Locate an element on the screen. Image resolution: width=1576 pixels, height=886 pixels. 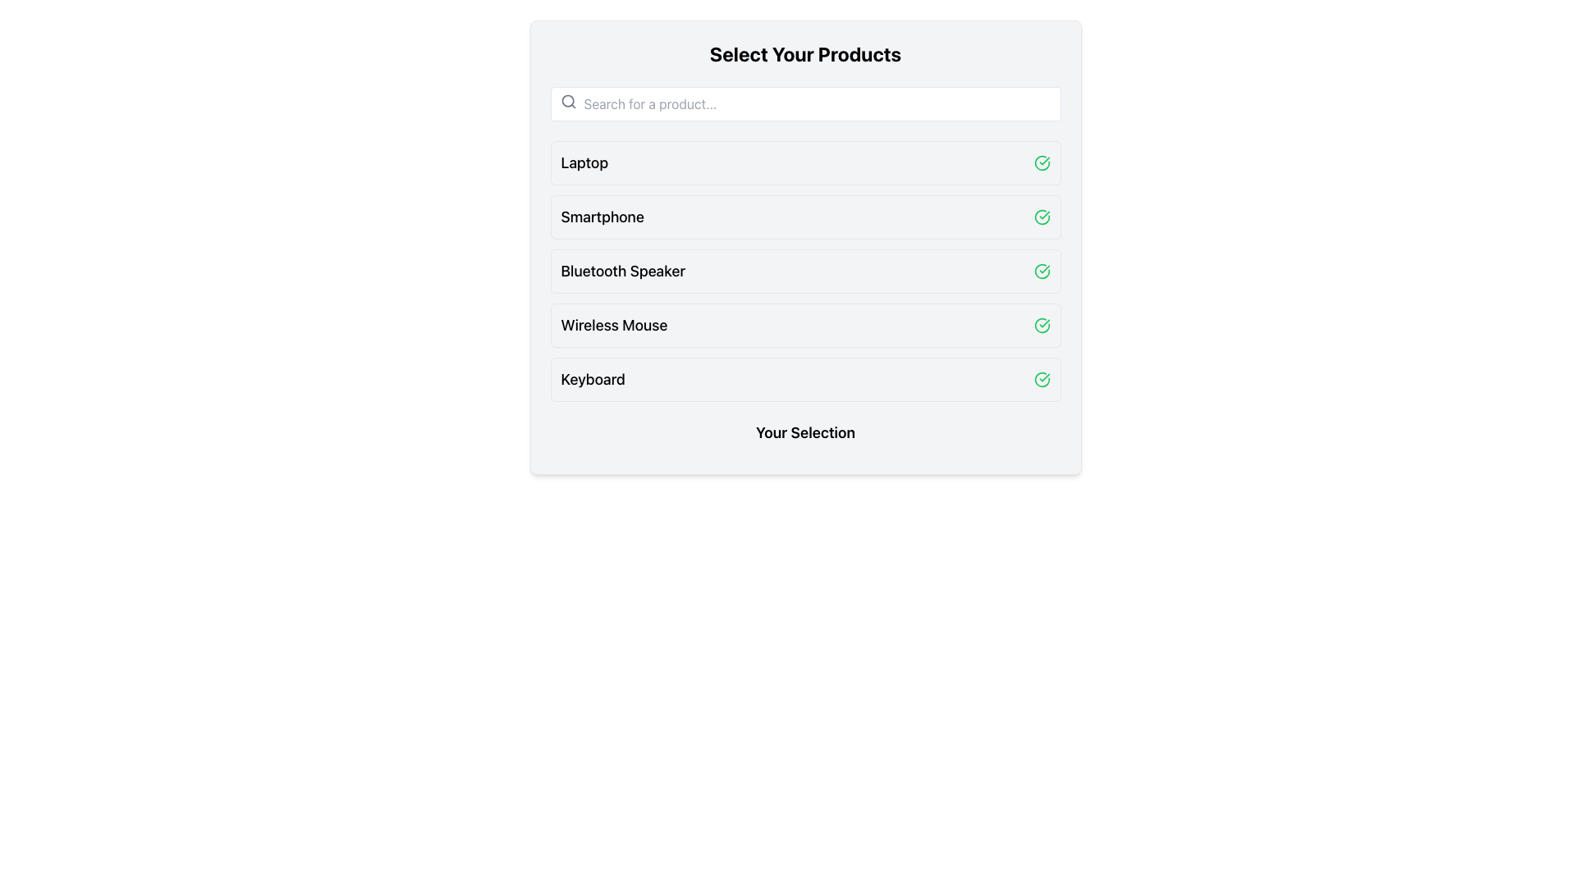
the 'Wireless Mouse' text label in the product list is located at coordinates (613, 326).